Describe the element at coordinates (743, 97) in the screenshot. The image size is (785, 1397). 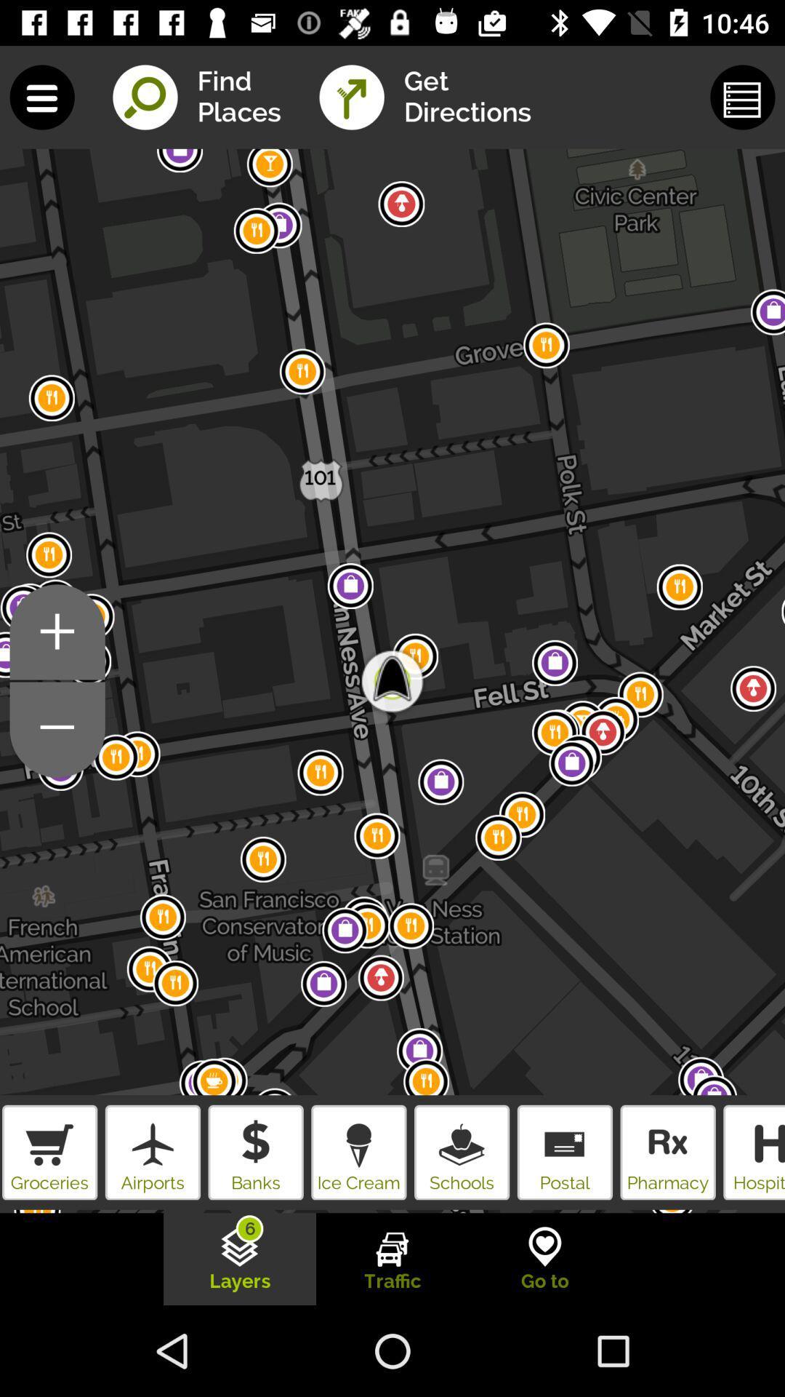
I see `the button beside get directions` at that location.